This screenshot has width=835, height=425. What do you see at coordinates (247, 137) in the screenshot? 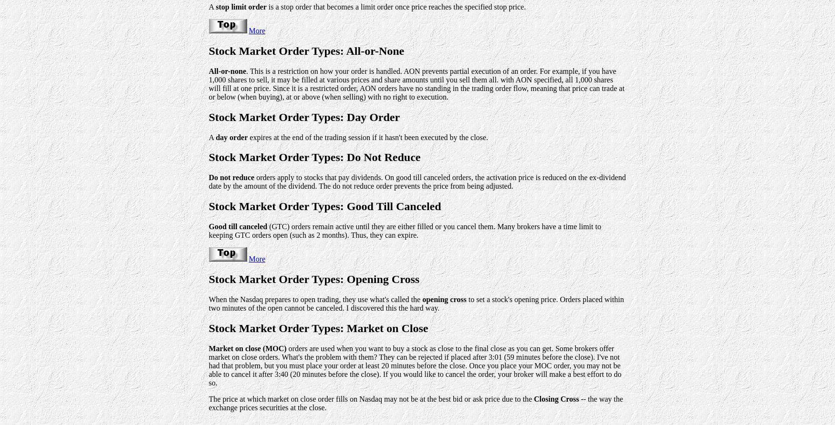
I see `'expires at the end of the trading session if it hasn't been executed by the close.'` at bounding box center [247, 137].